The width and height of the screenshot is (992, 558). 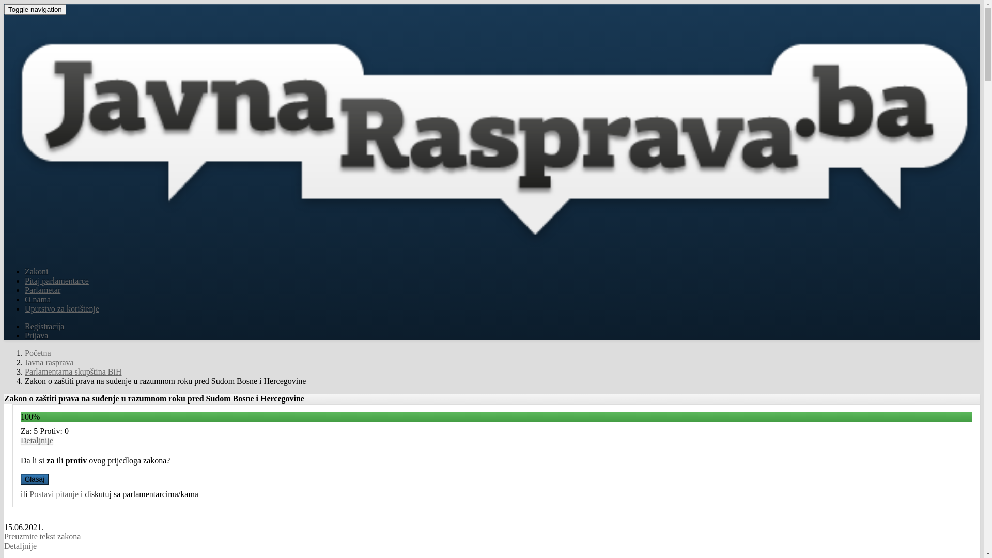 I want to click on 'Javna rasprava', so click(x=49, y=362).